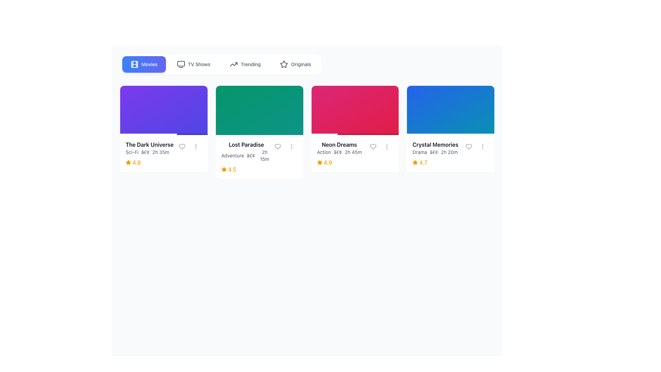  I want to click on the star rating icon, which is a bold orange star indicating a rating of '4.7' for the item 'Crystal Memories', located in the fourth slot of a horizontal layout, so click(415, 162).